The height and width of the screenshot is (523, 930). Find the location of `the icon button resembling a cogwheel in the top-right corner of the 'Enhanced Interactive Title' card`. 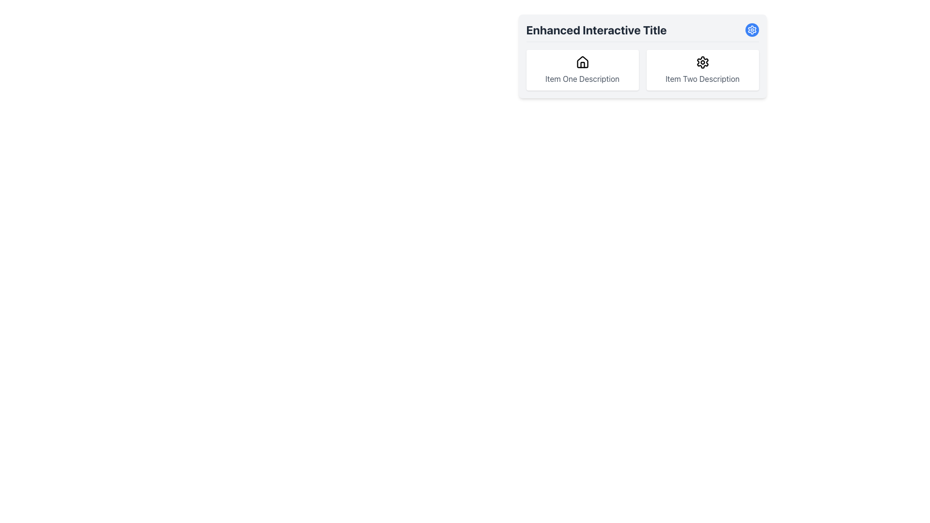

the icon button resembling a cogwheel in the top-right corner of the 'Enhanced Interactive Title' card is located at coordinates (751, 29).